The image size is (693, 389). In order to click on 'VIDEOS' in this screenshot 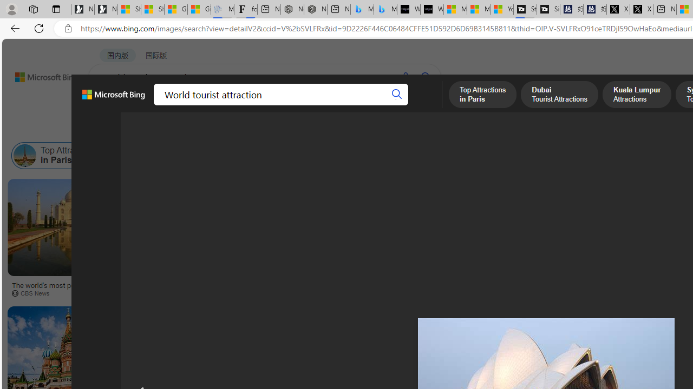, I will do `click(247, 105)`.